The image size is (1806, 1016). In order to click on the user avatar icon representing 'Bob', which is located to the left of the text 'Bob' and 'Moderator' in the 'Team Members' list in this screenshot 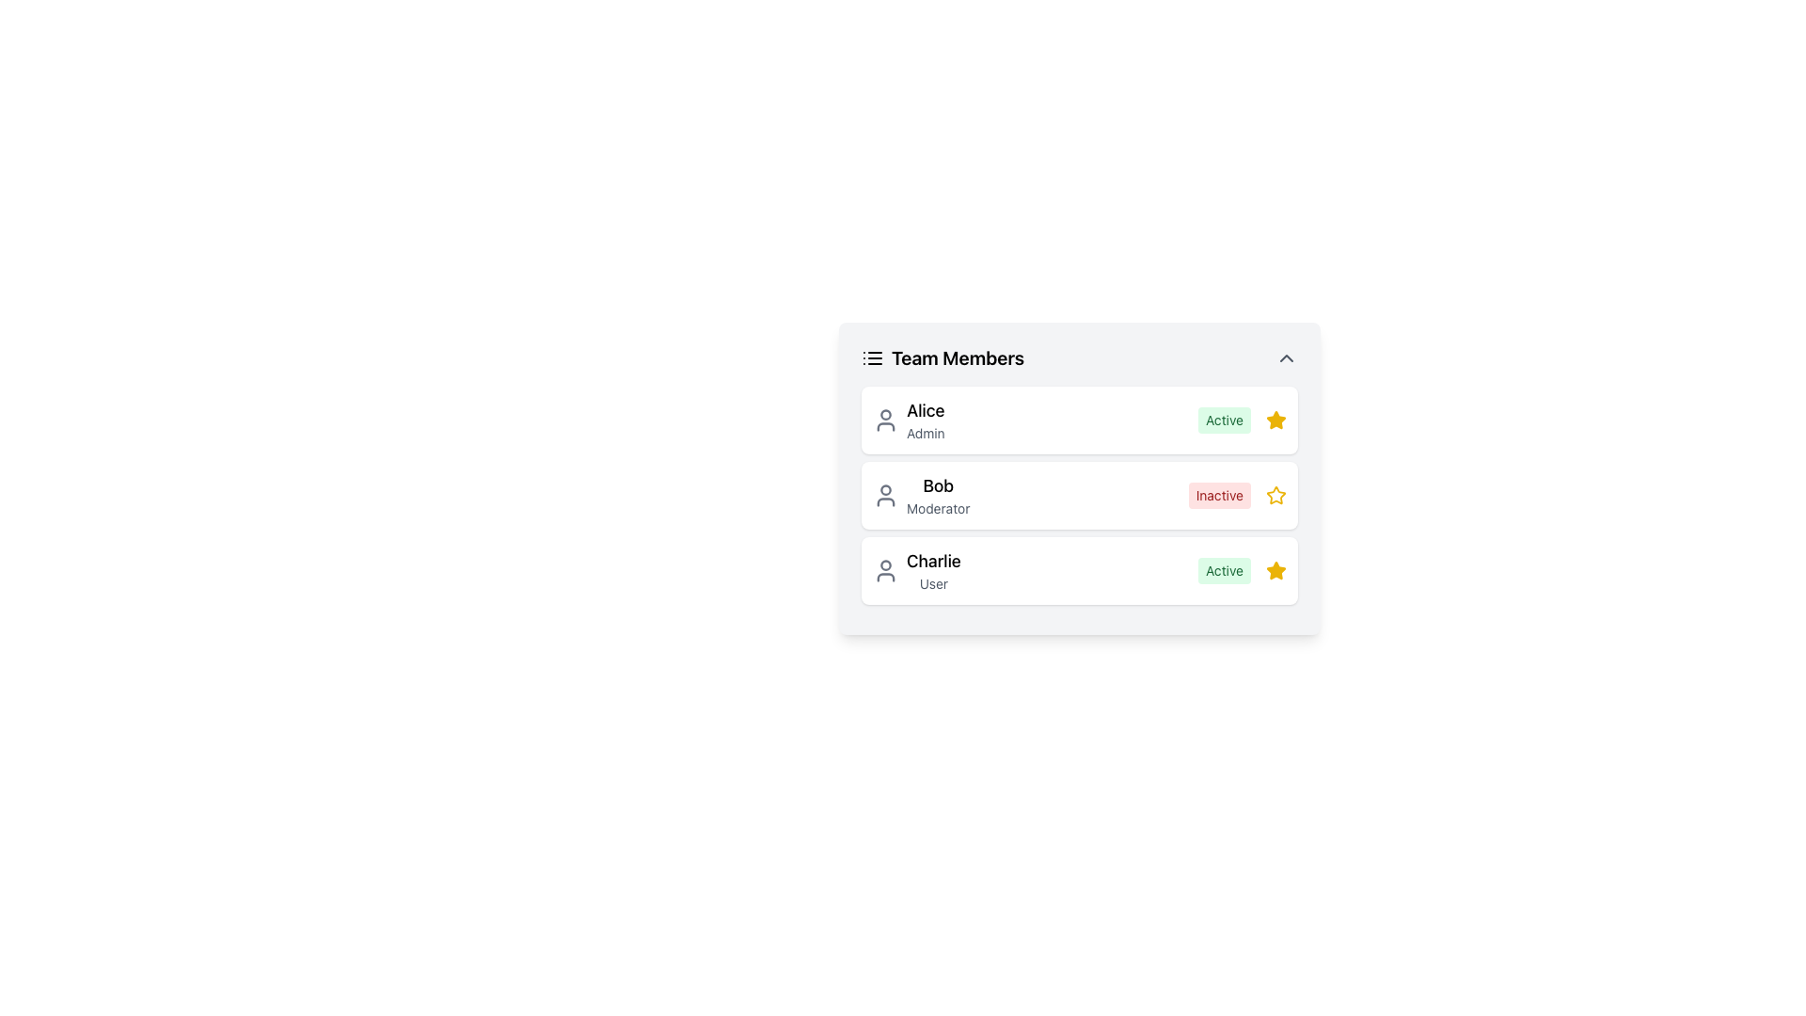, I will do `click(884, 495)`.